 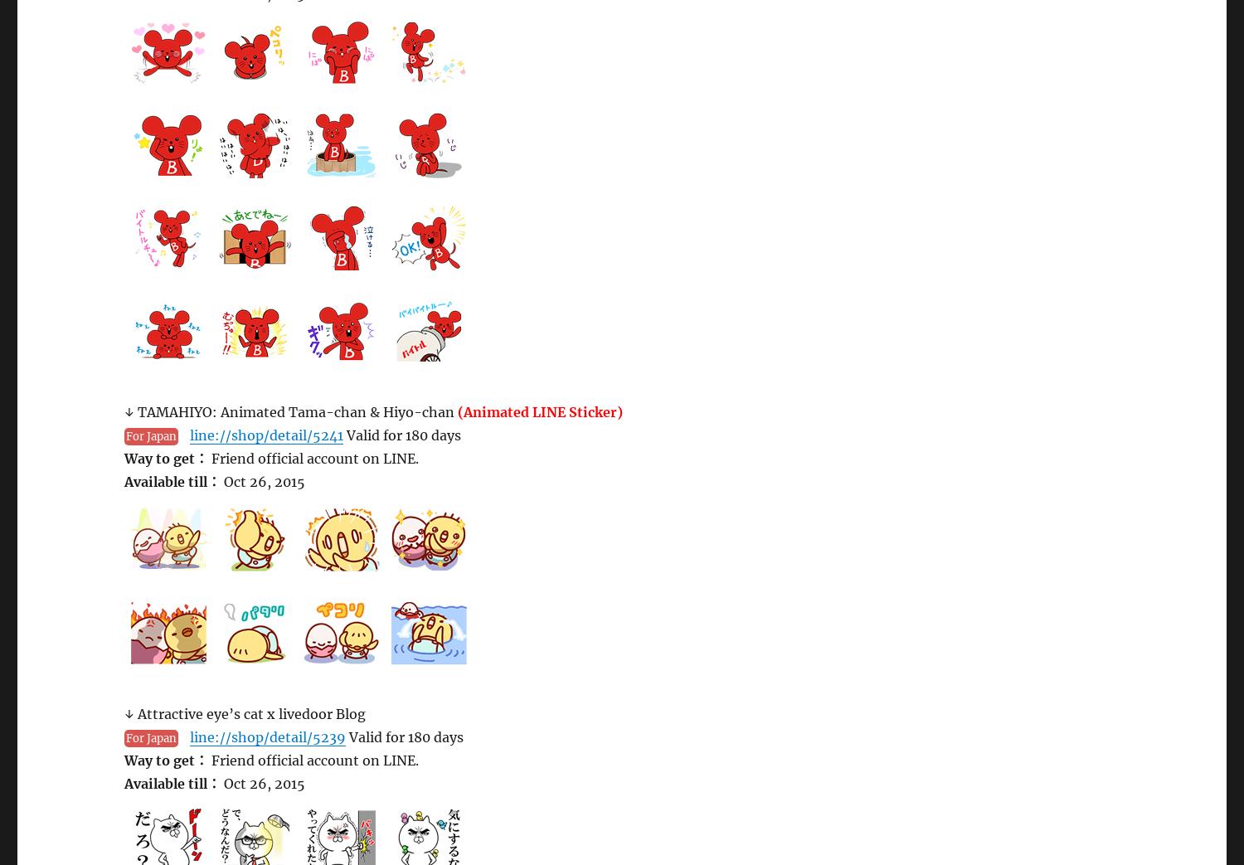 What do you see at coordinates (266, 736) in the screenshot?
I see `'line://shop/detail/5239'` at bounding box center [266, 736].